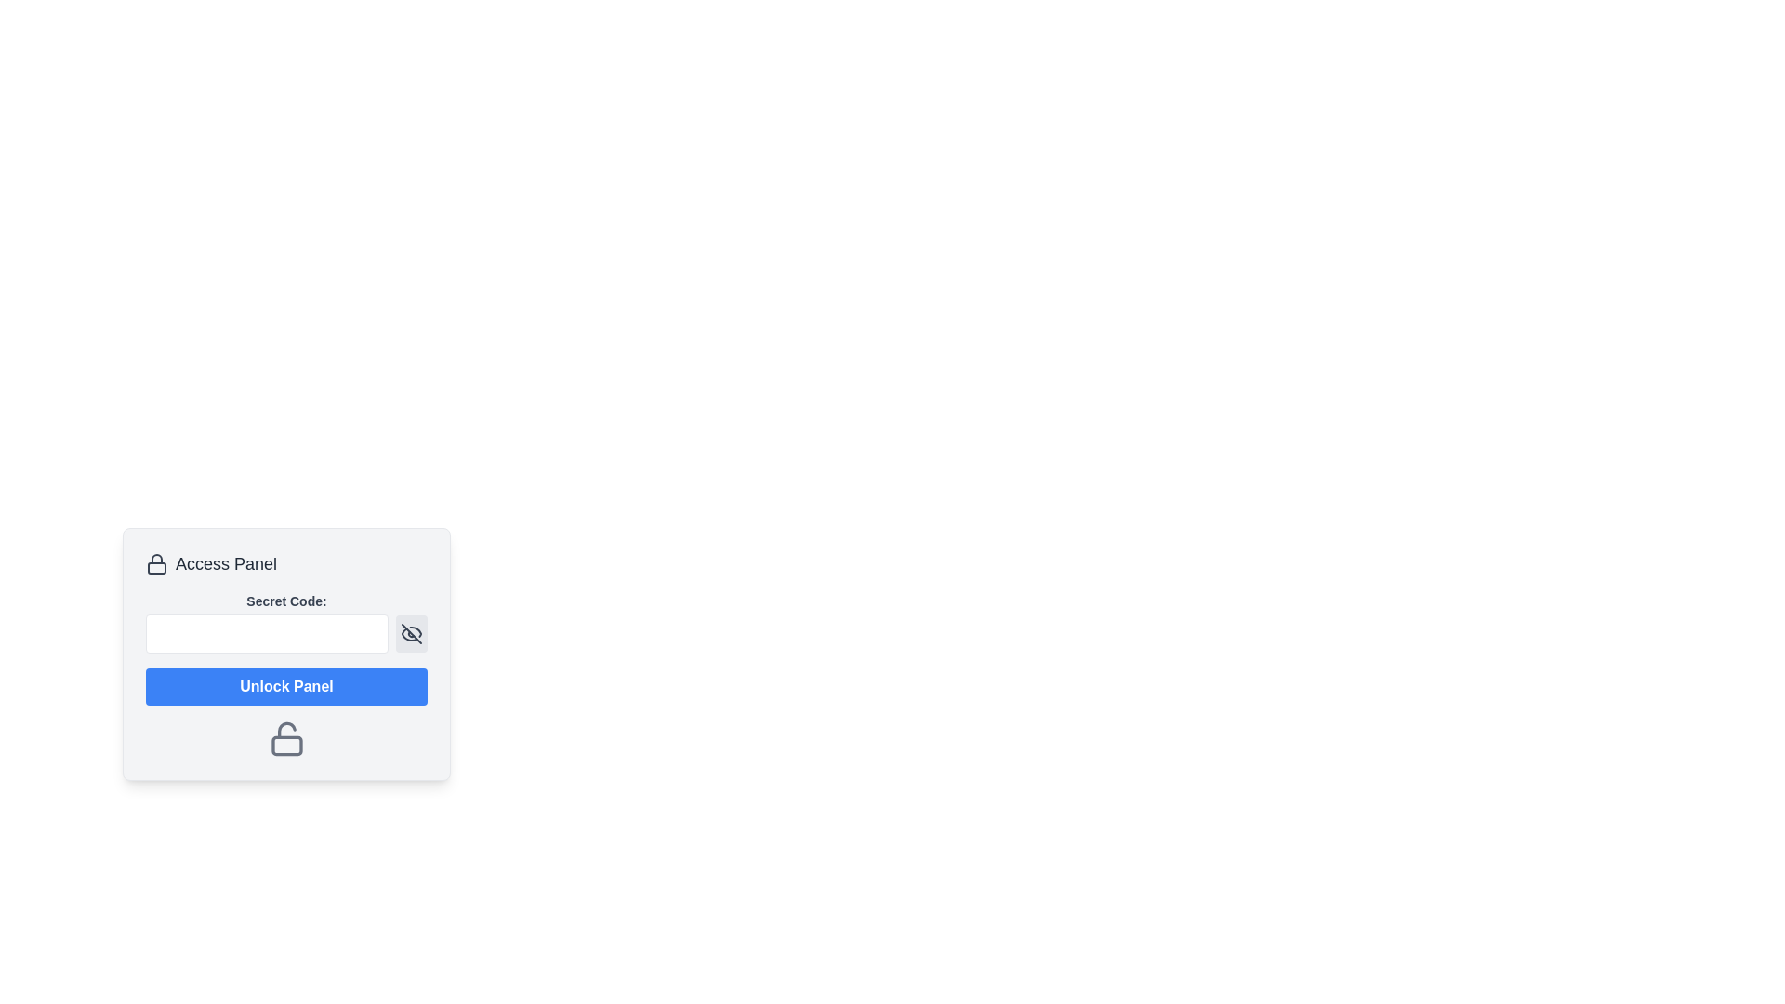 The width and height of the screenshot is (1785, 1004). I want to click on the rectangular blue button labeled 'Unlock Panel', so click(285, 687).